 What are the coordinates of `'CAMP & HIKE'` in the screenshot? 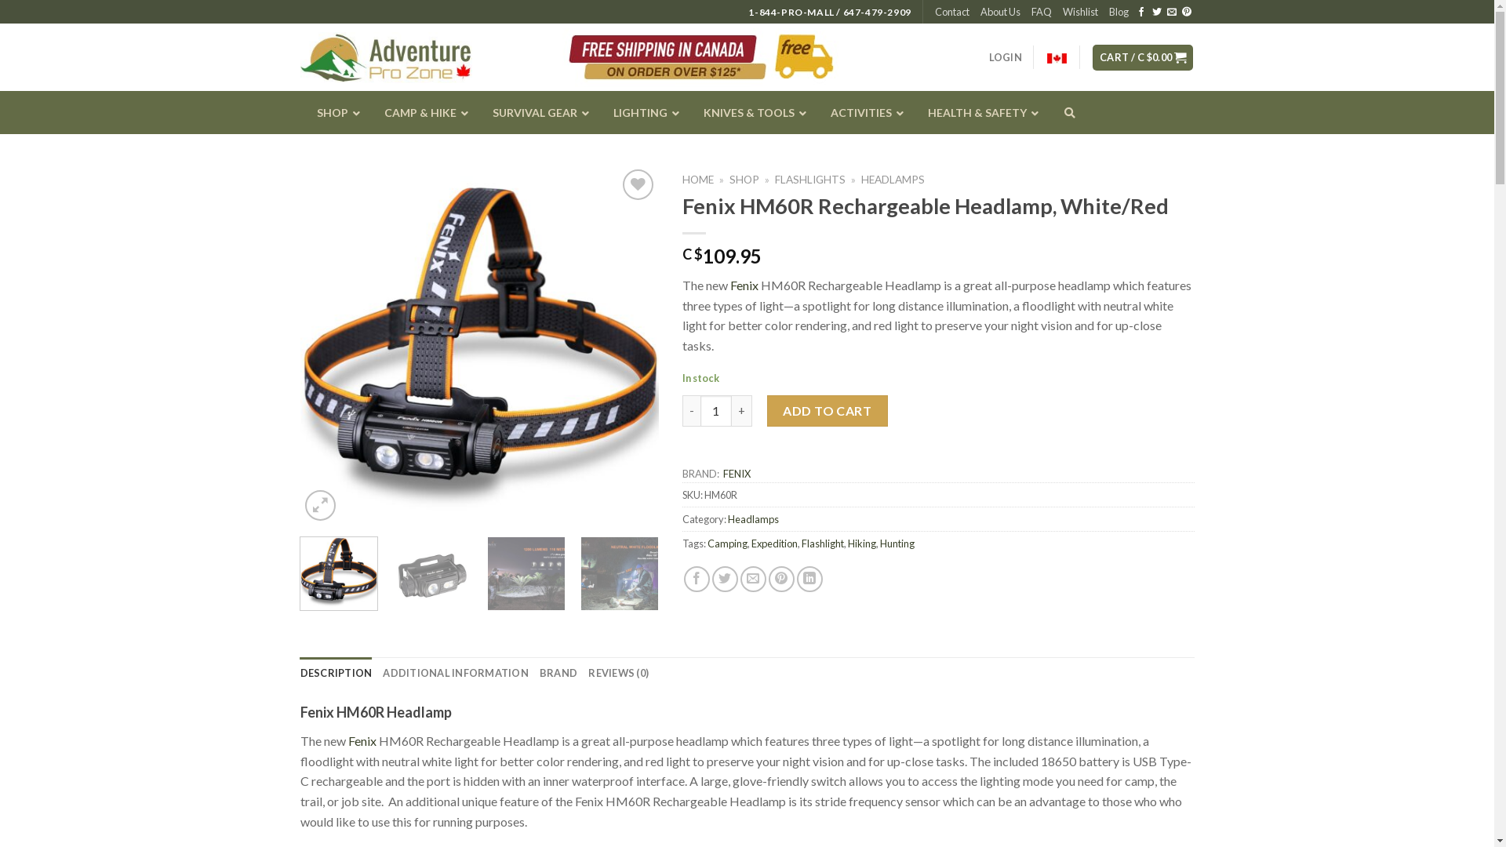 It's located at (421, 111).